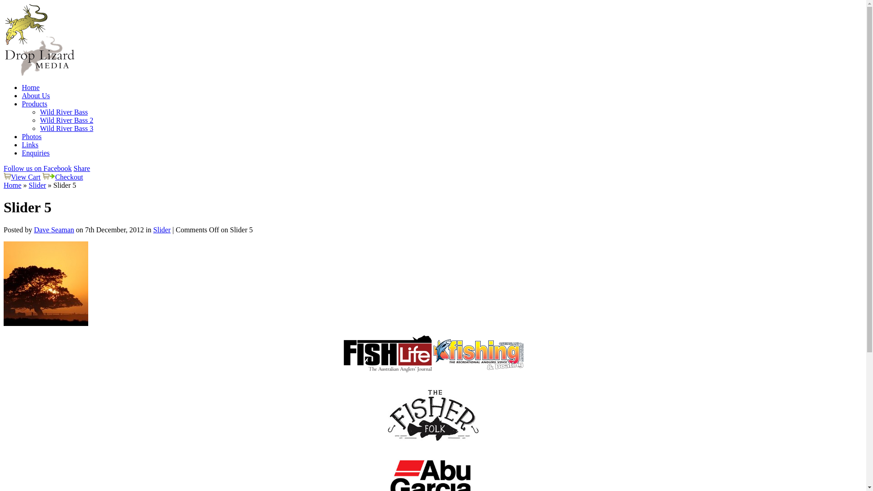  What do you see at coordinates (30, 144) in the screenshot?
I see `'Links'` at bounding box center [30, 144].